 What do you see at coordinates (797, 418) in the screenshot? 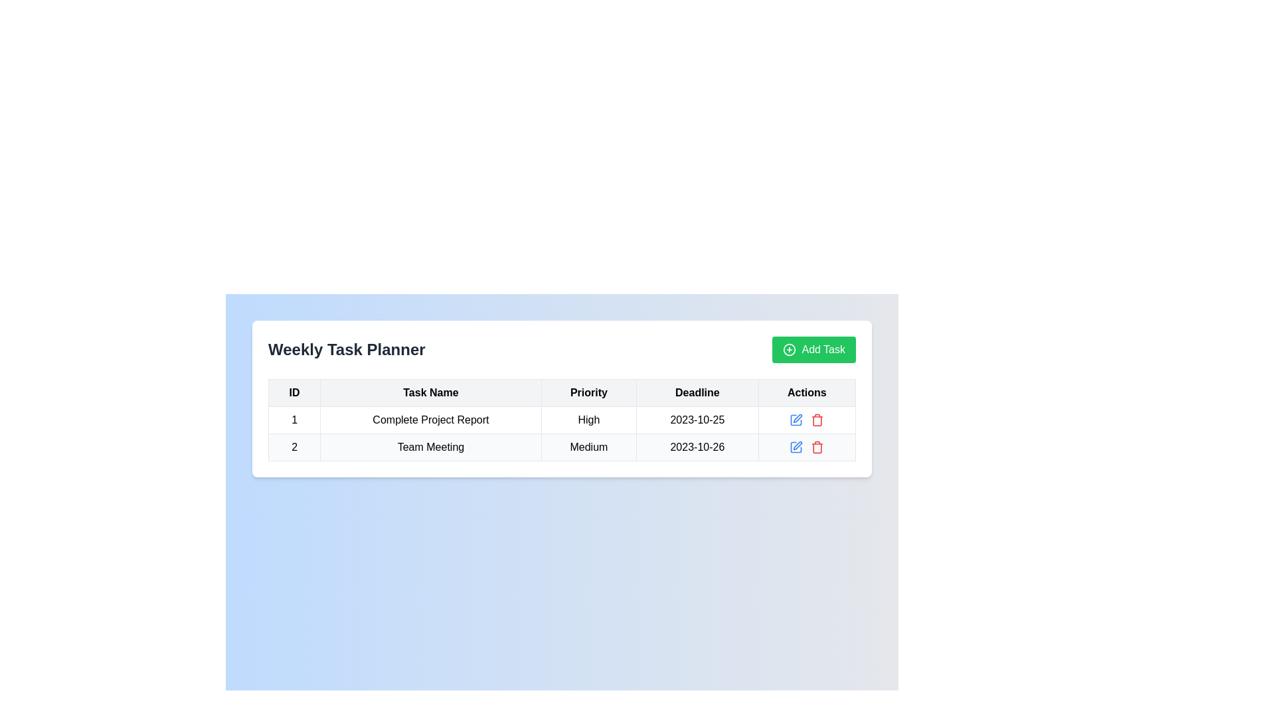
I see `the Icon-based button in the 'Actions' column of the second row in the 'Weekly Task Planner' table` at bounding box center [797, 418].